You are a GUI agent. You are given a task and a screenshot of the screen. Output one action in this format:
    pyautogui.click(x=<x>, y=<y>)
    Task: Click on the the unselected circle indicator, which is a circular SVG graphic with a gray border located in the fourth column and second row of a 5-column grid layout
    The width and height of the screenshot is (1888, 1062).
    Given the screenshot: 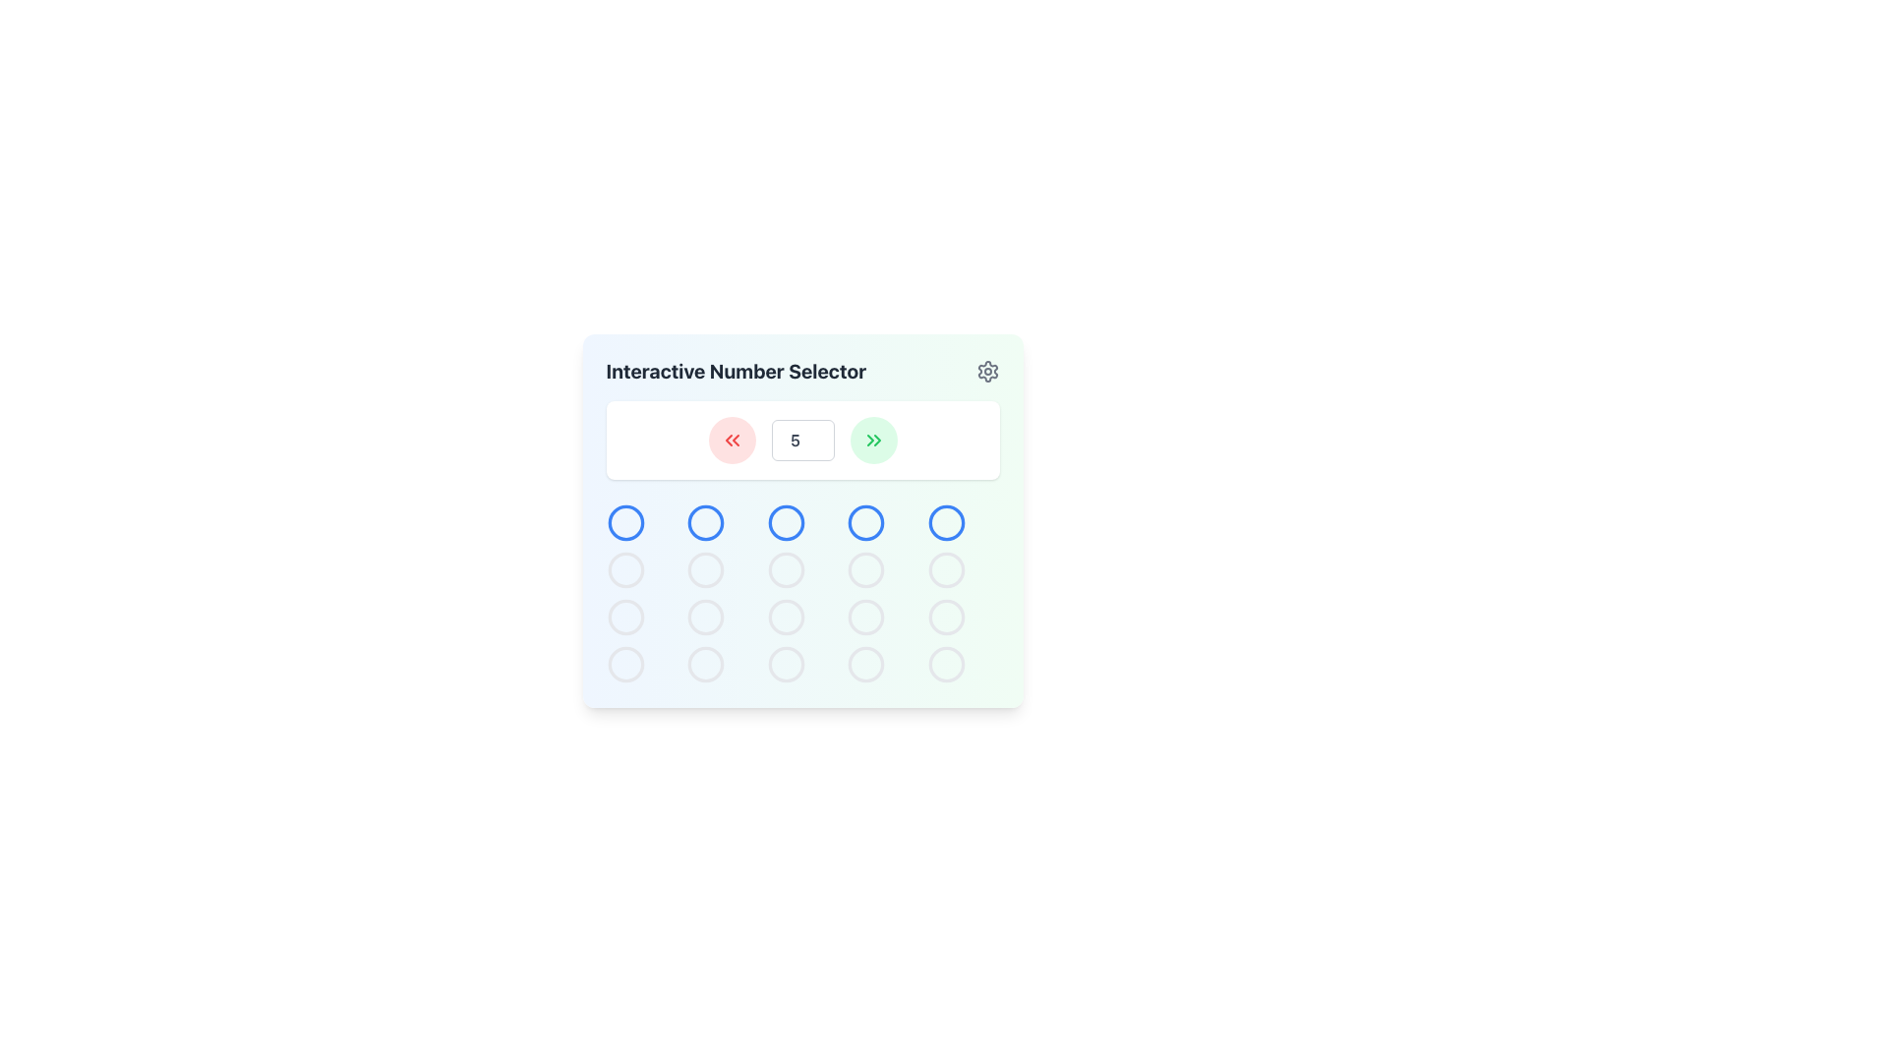 What is the action you would take?
    pyautogui.click(x=865, y=569)
    